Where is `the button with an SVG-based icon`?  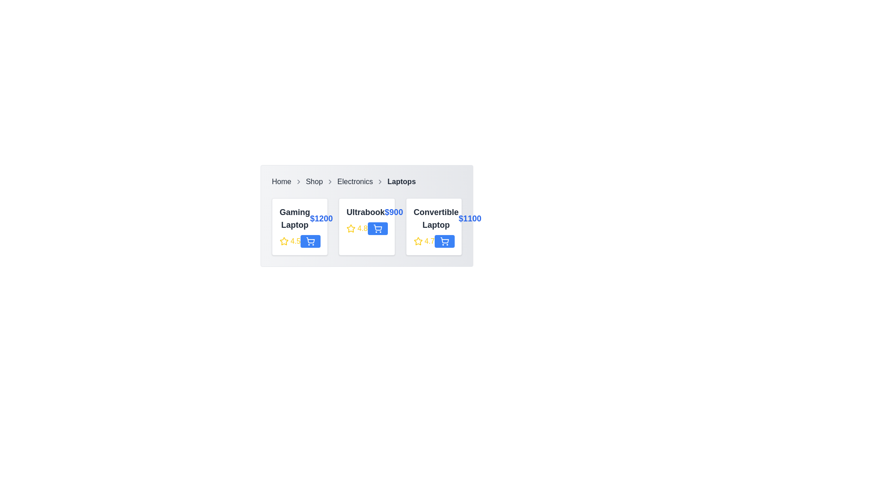 the button with an SVG-based icon is located at coordinates (444, 241).